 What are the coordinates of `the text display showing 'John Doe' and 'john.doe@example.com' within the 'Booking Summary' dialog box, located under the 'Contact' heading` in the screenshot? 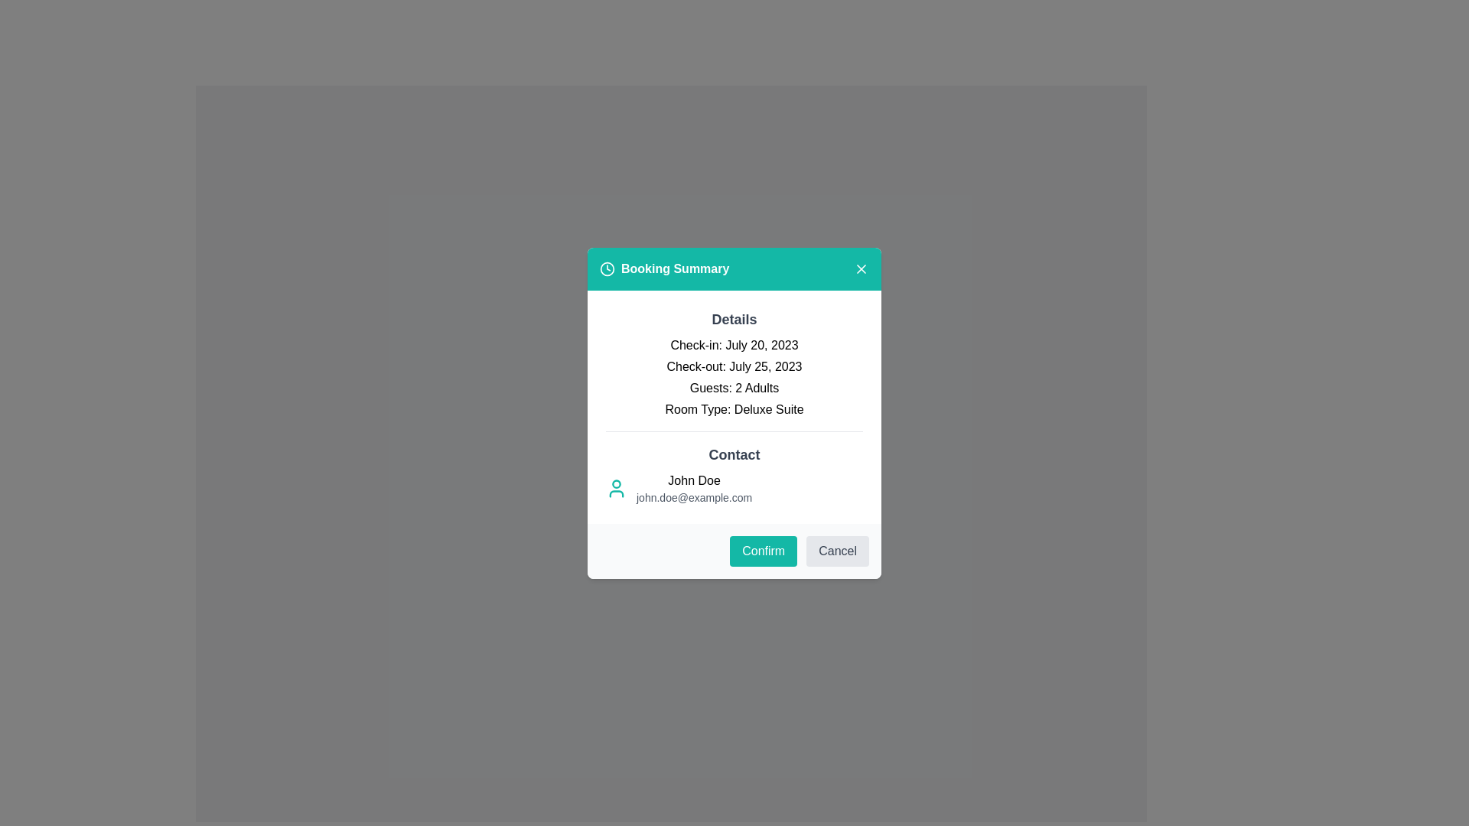 It's located at (693, 488).